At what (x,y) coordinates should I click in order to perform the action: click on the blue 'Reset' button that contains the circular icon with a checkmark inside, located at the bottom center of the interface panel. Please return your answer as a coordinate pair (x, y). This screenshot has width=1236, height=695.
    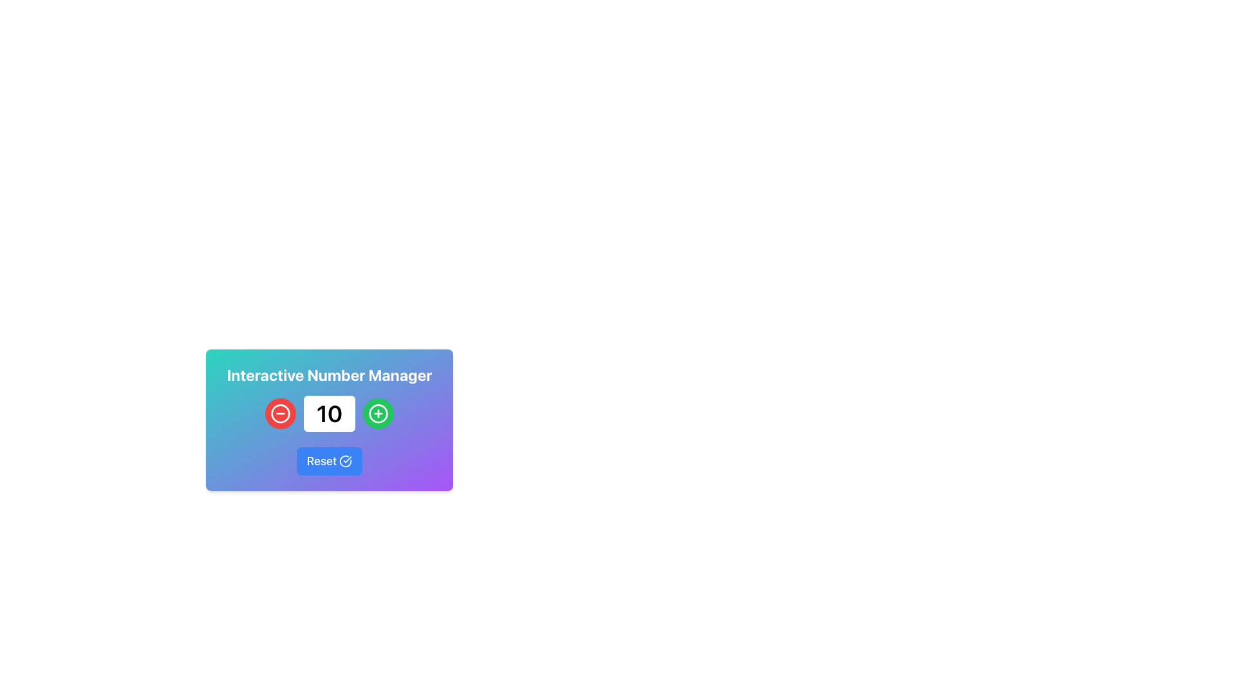
    Looking at the image, I should click on (346, 461).